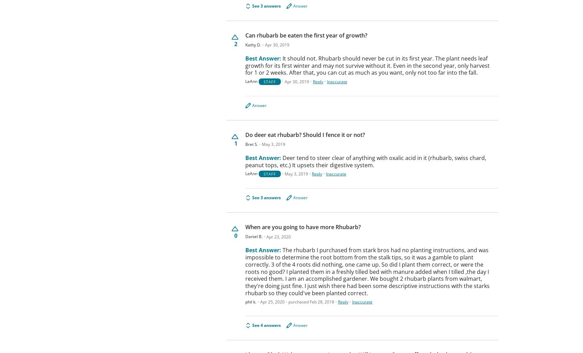 This screenshot has width=583, height=353. Describe the element at coordinates (245, 65) in the screenshot. I see `'It should not. Rhubarb should never be cut in its first year. The plant needs leaf growth for its first winter and may not survive without it. Even in the second  year, only harvest for 1 or 2 weeks. After that, you can cut as much as you want, only not too far into the fall.'` at that location.